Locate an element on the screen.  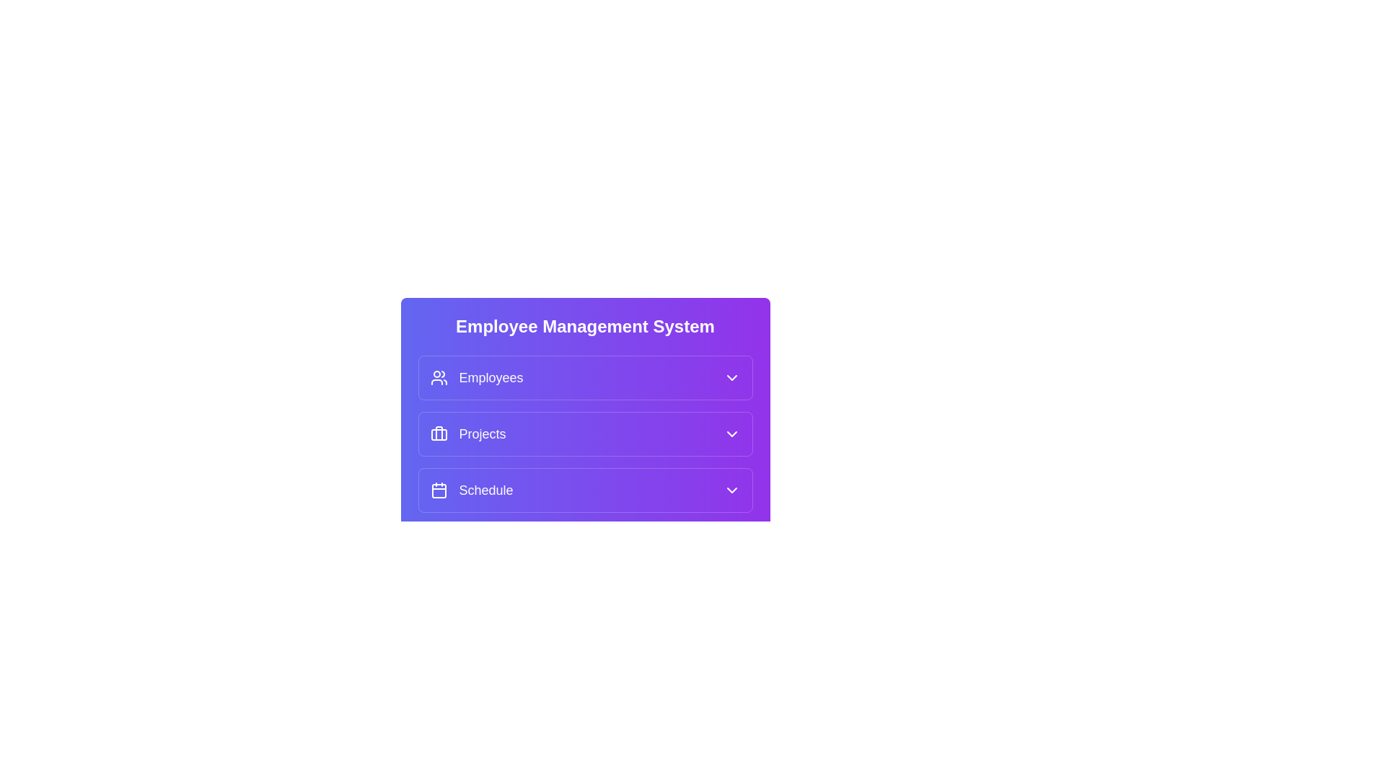
the downward-pointing chevron-shaped icon located to the right of the 'Projects' menu item is located at coordinates (731, 433).